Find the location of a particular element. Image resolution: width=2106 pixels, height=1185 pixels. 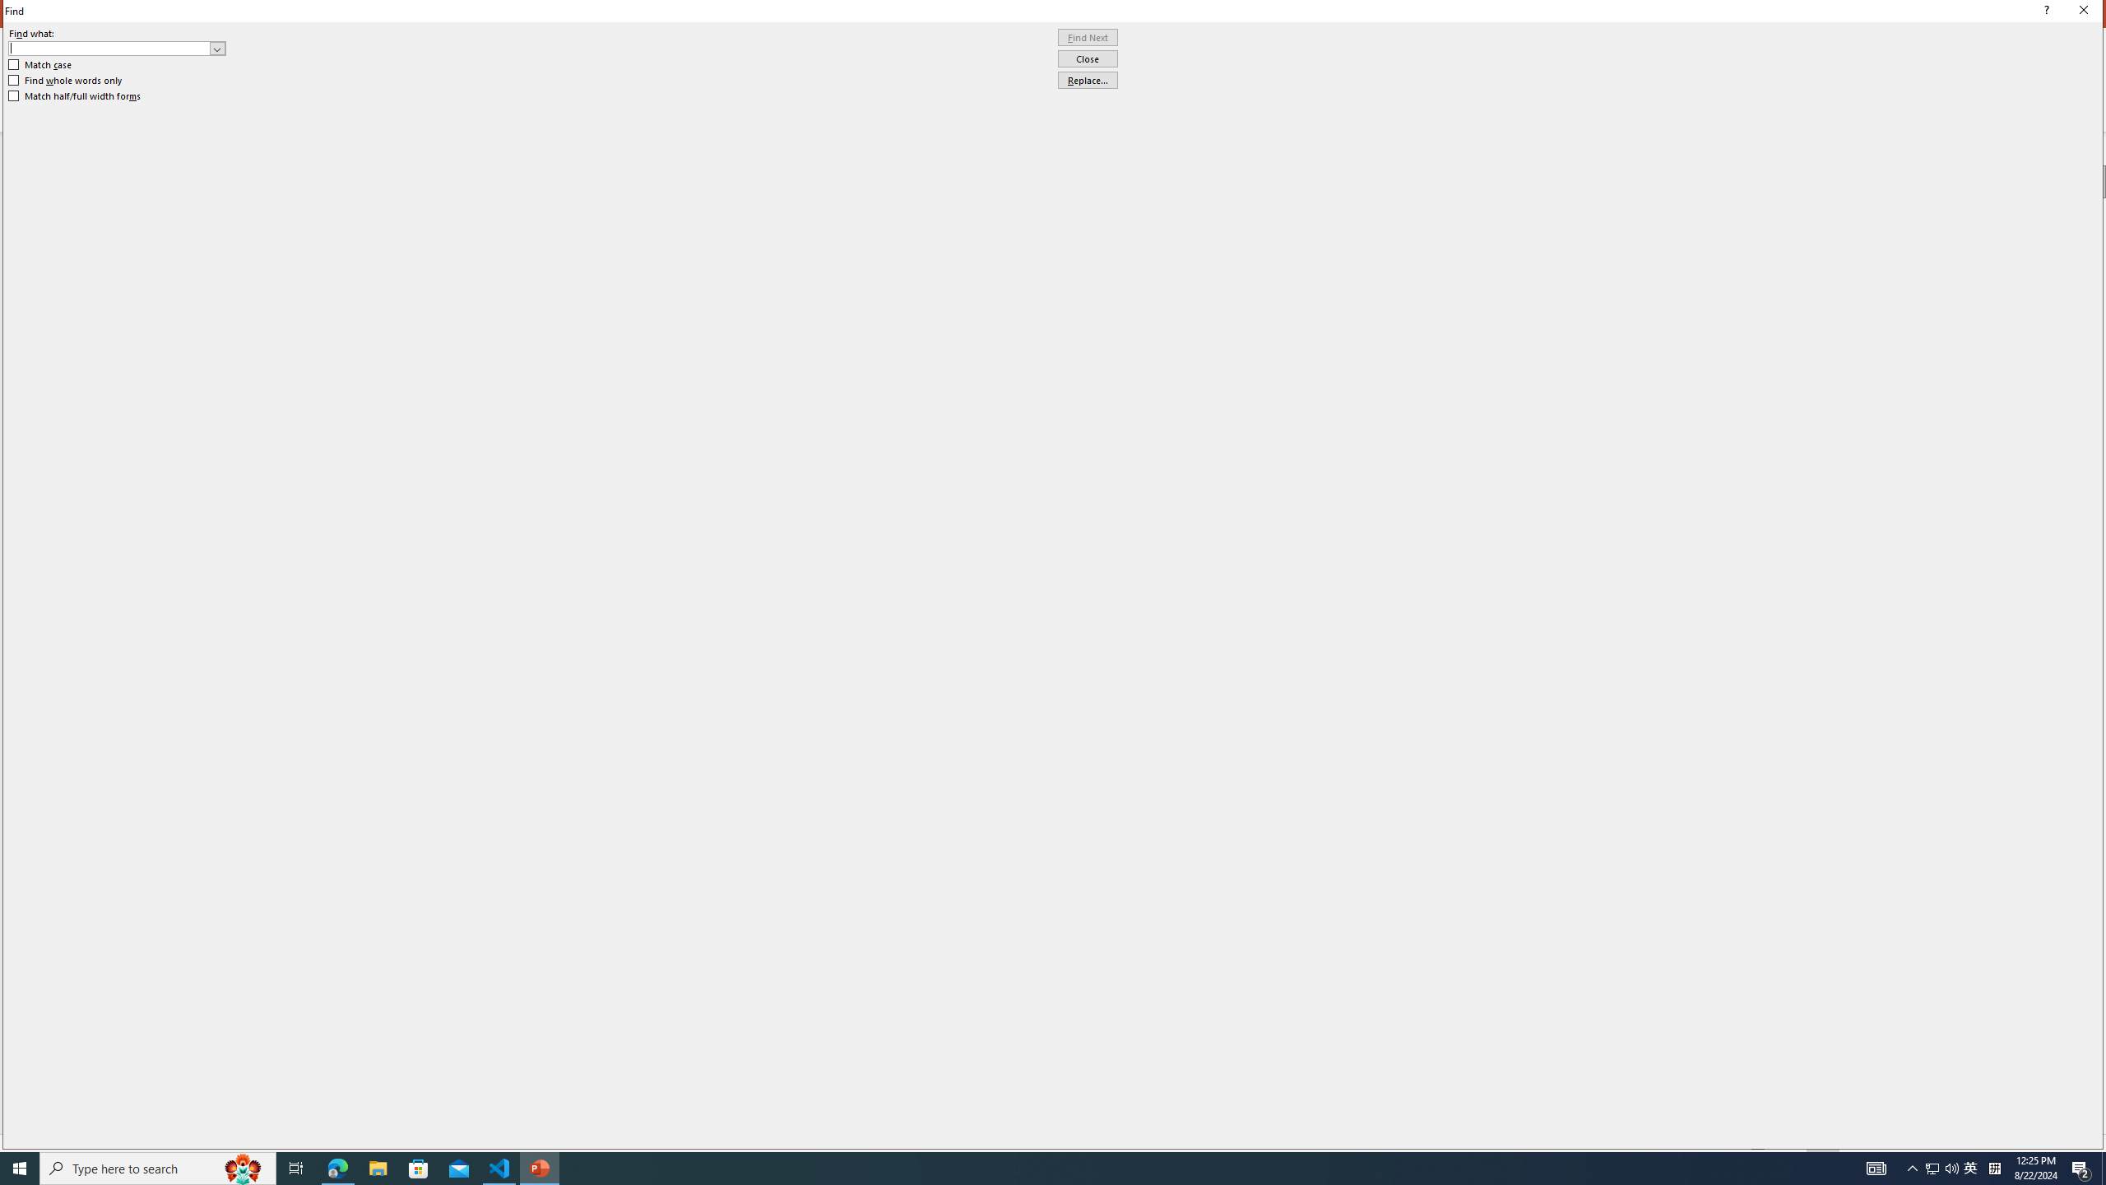

'Find what' is located at coordinates (117, 48).